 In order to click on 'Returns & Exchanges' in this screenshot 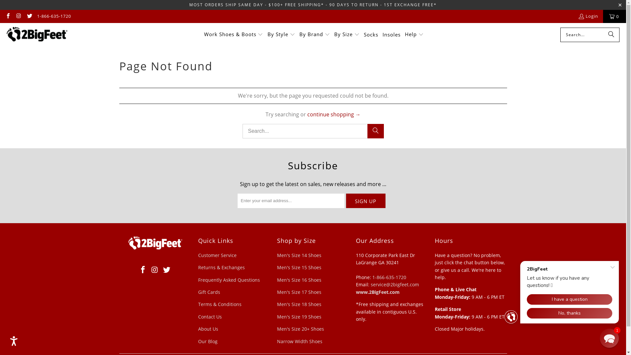, I will do `click(221, 267)`.